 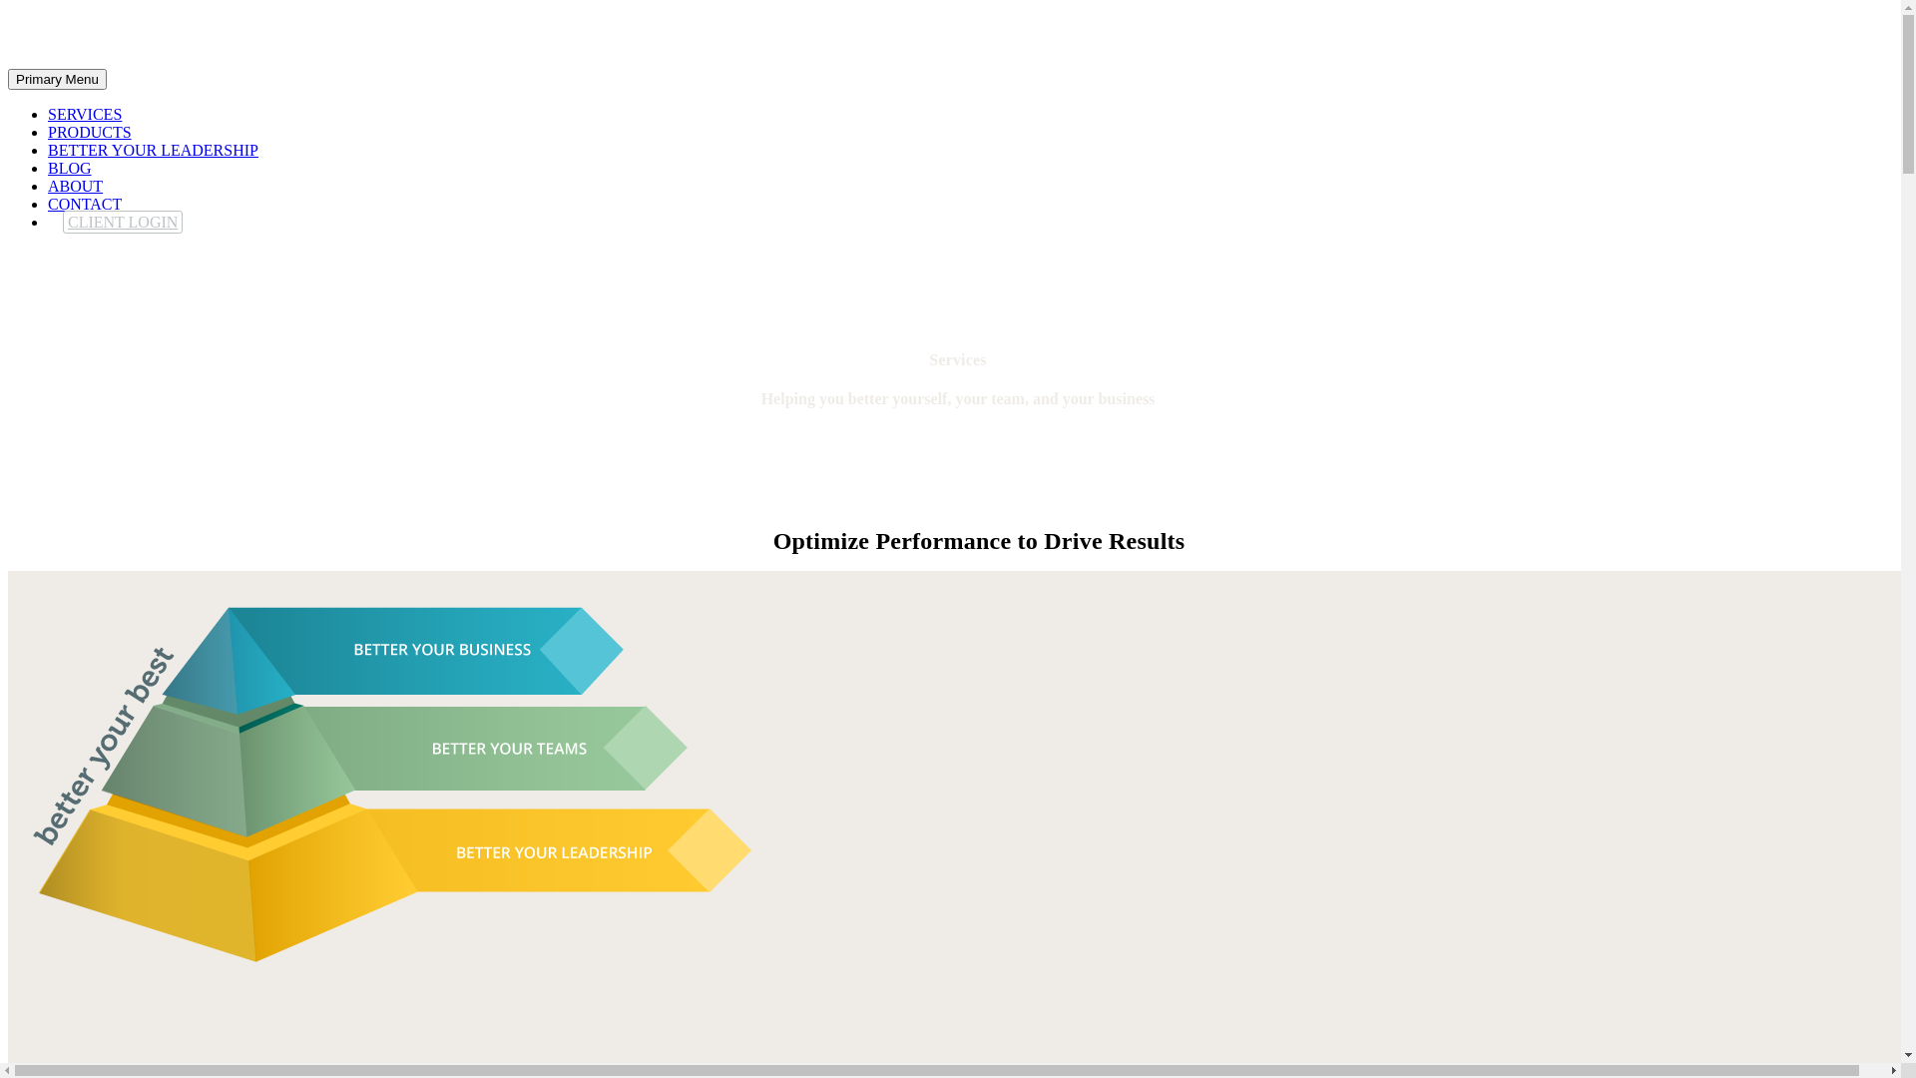 I want to click on 'BLOG', so click(x=70, y=167).